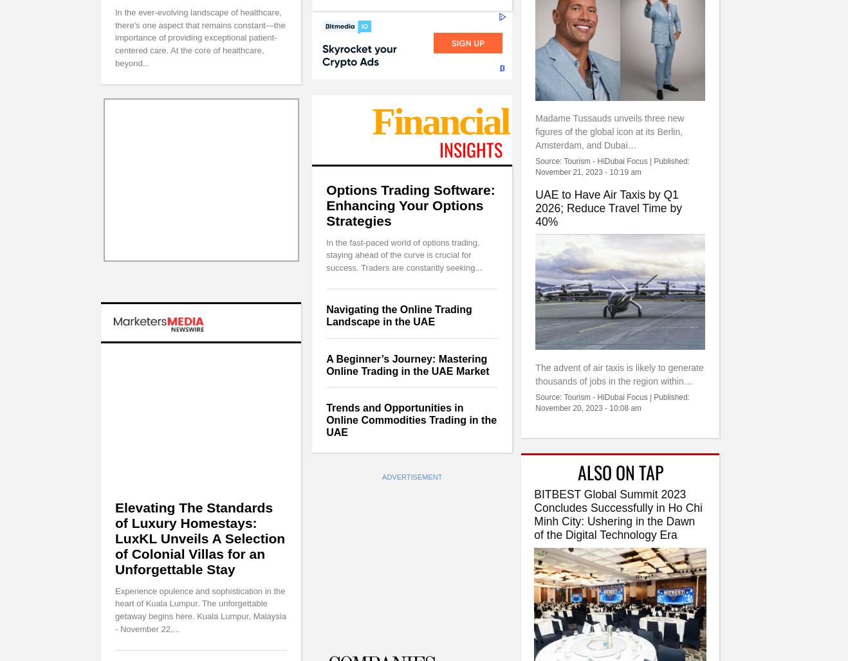  What do you see at coordinates (535, 172) in the screenshot?
I see `'November 21, 2023 - 10:19 am'` at bounding box center [535, 172].